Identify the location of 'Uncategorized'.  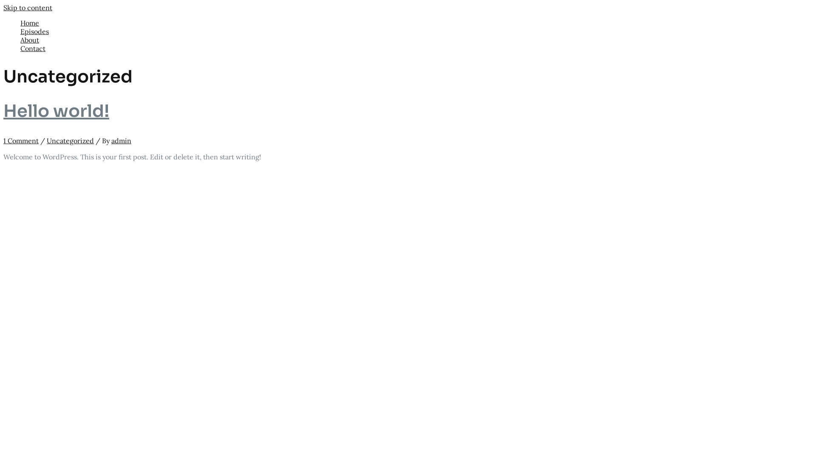
(70, 140).